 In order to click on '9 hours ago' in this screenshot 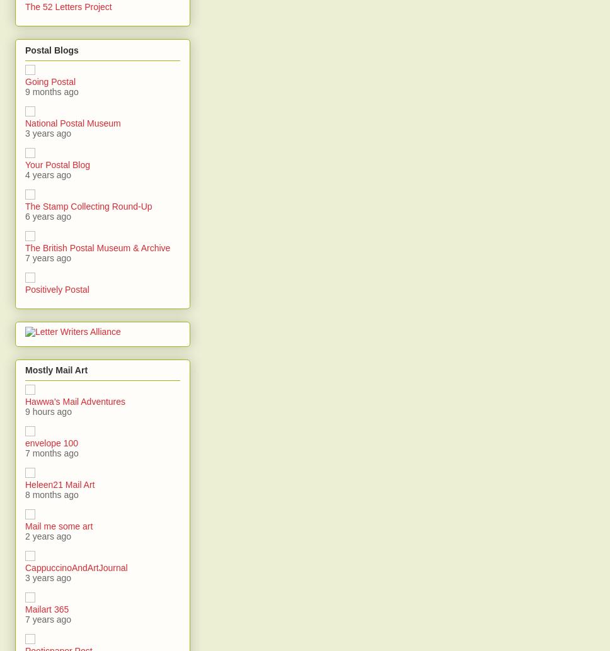, I will do `click(25, 412)`.